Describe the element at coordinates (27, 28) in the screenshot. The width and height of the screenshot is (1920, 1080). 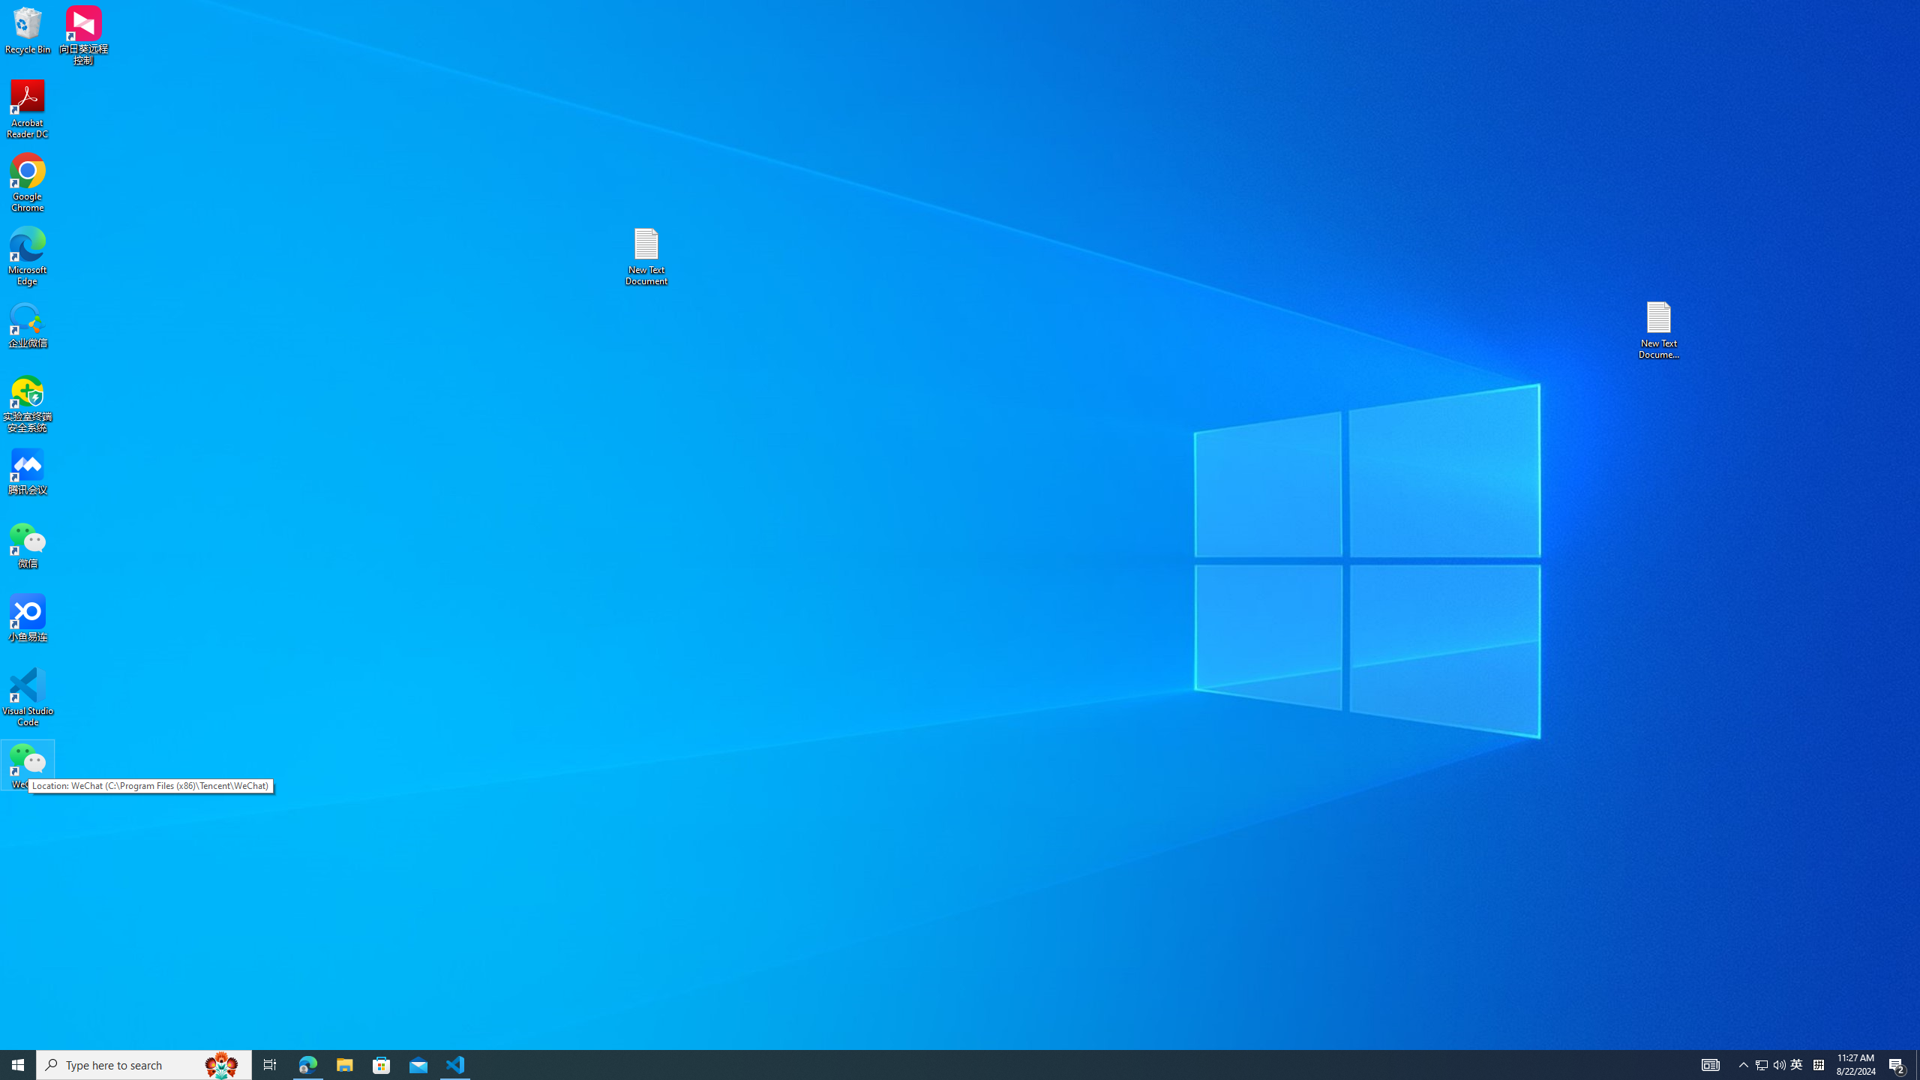
I see `'Recycle Bin'` at that location.